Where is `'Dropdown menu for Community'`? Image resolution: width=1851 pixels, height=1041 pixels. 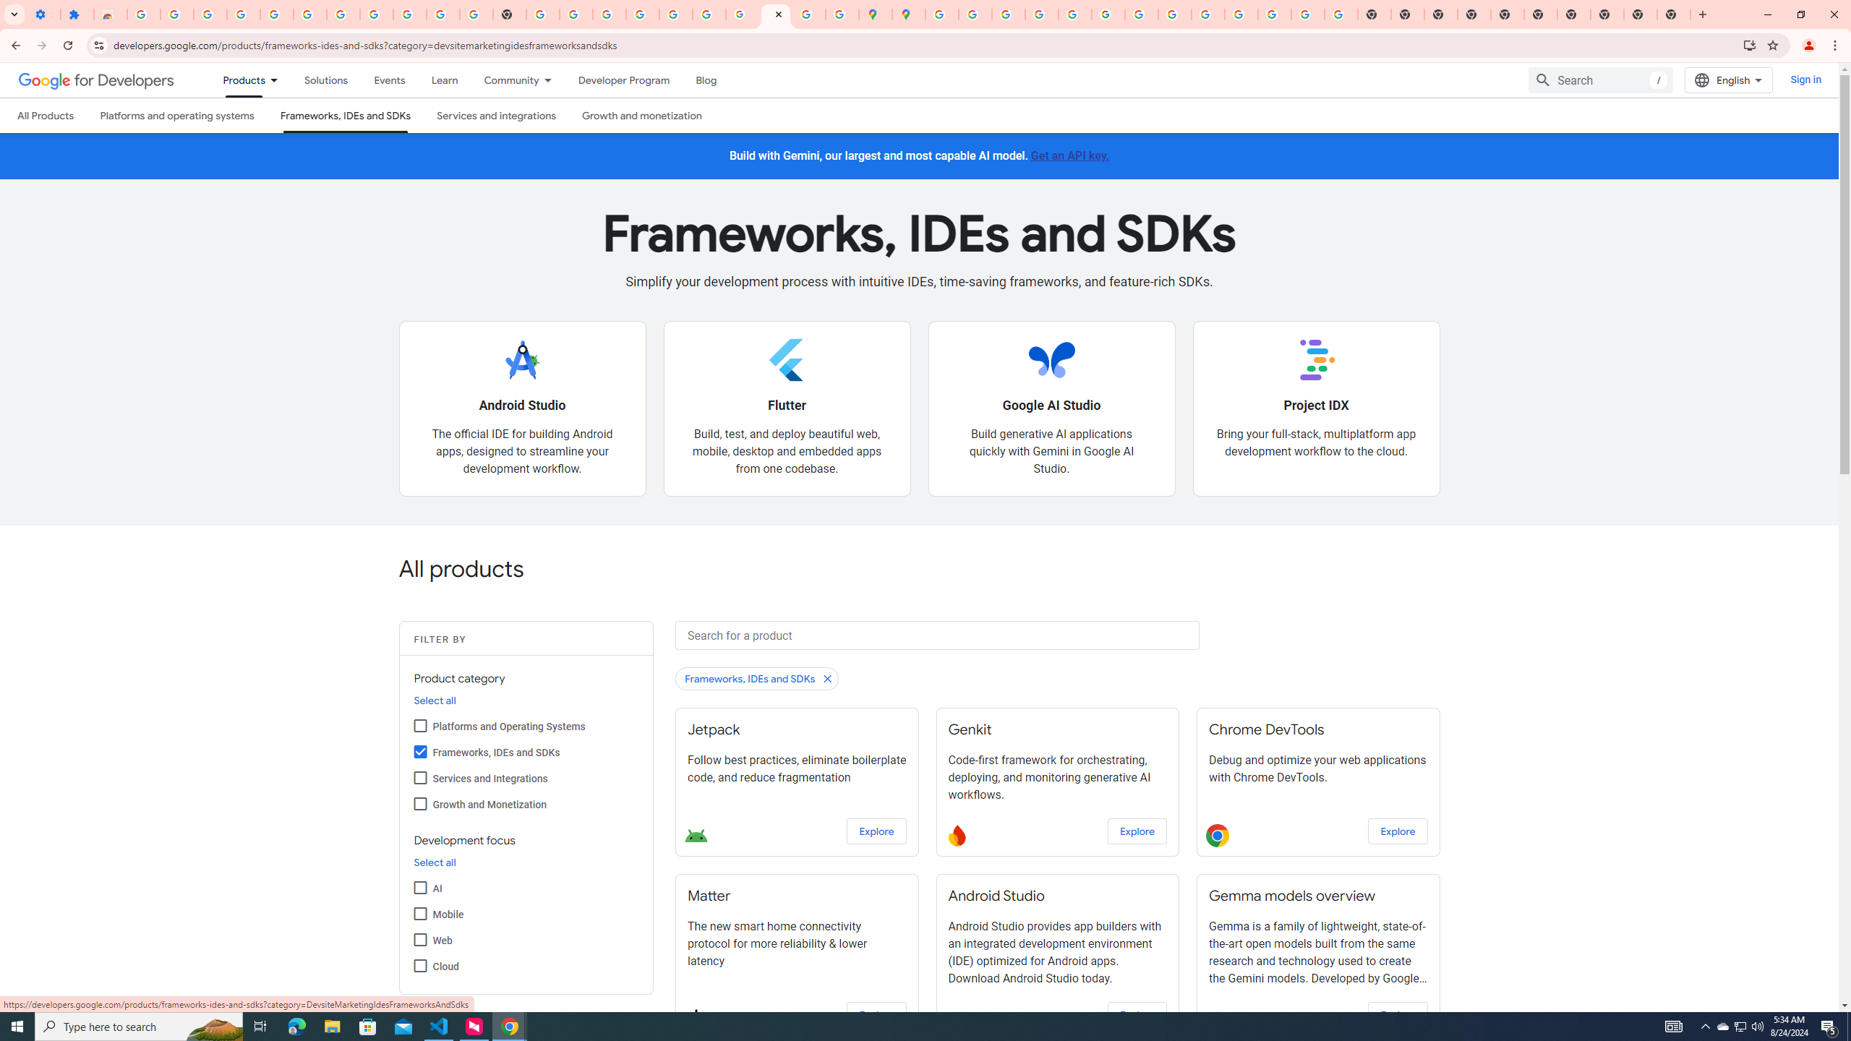
'Dropdown menu for Community' is located at coordinates (551, 80).